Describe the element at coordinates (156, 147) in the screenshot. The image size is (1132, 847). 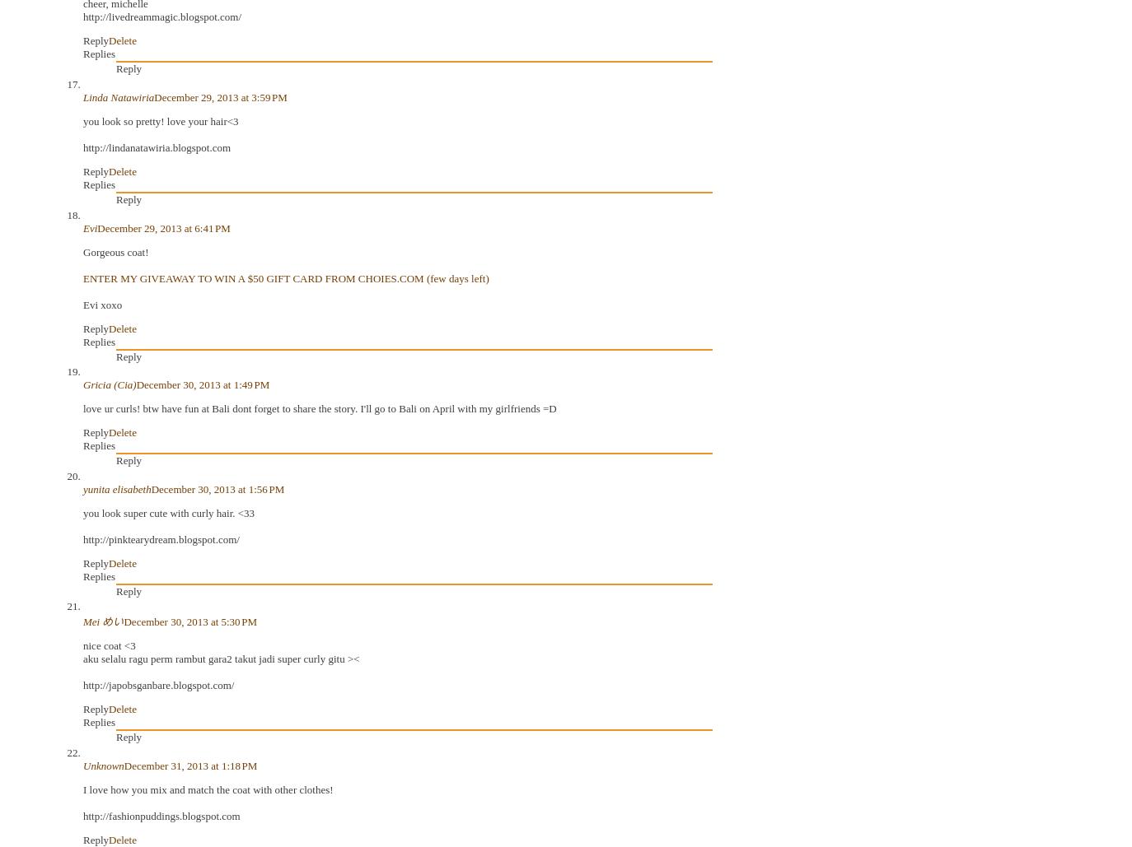
I see `'http://lindanatawiria.blogspot.com'` at that location.